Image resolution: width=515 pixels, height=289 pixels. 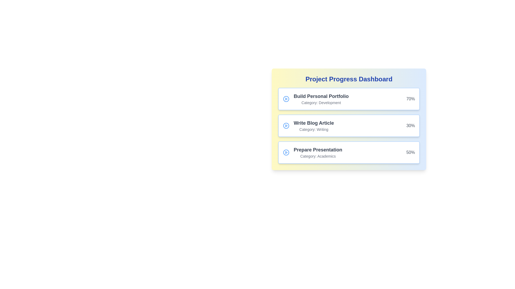 What do you see at coordinates (286, 126) in the screenshot?
I see `the play button located to the left of the 'Write Blog Article' text` at bounding box center [286, 126].